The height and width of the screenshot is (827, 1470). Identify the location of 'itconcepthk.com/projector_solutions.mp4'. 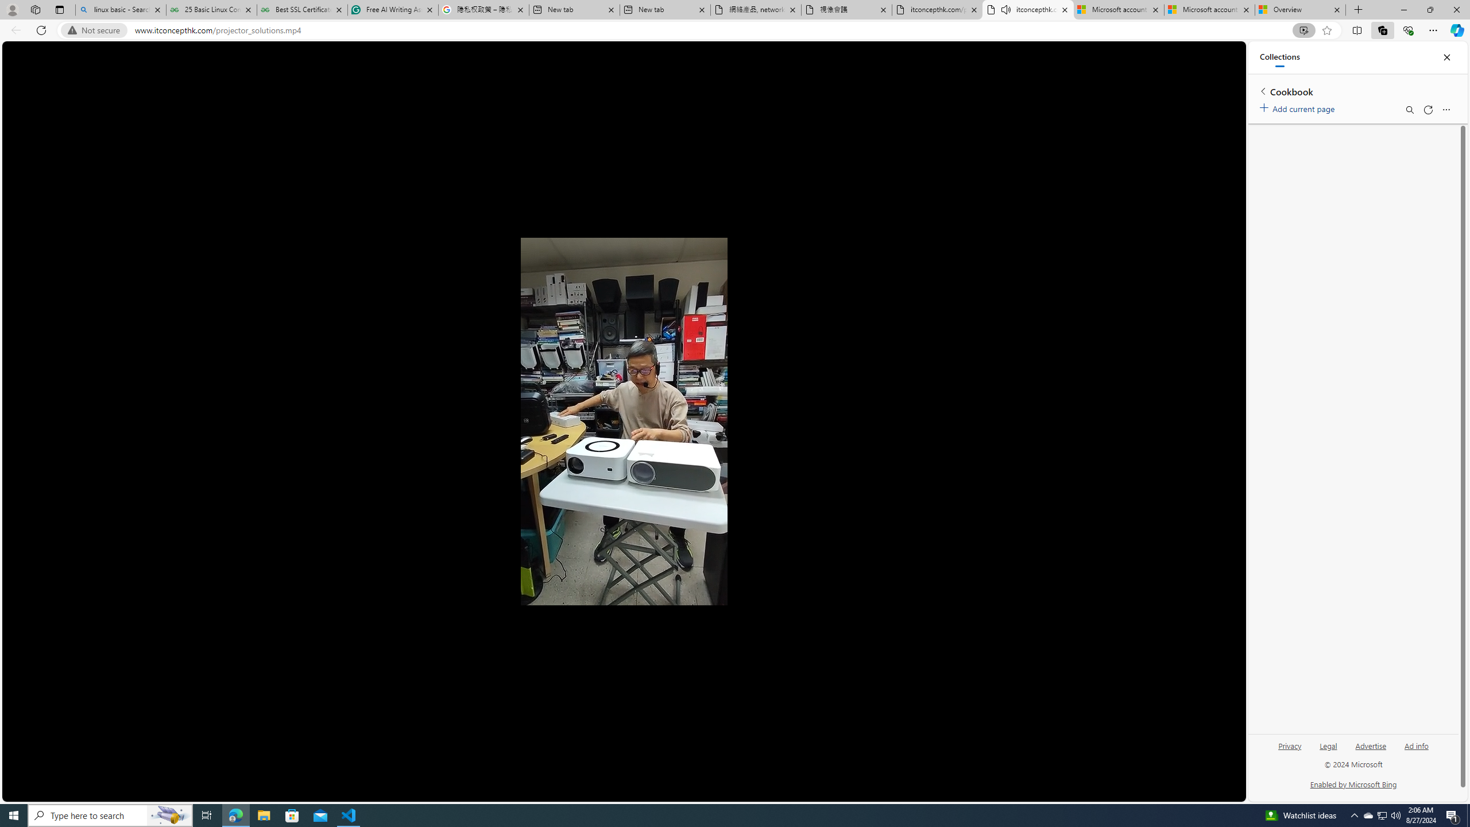
(937, 9).